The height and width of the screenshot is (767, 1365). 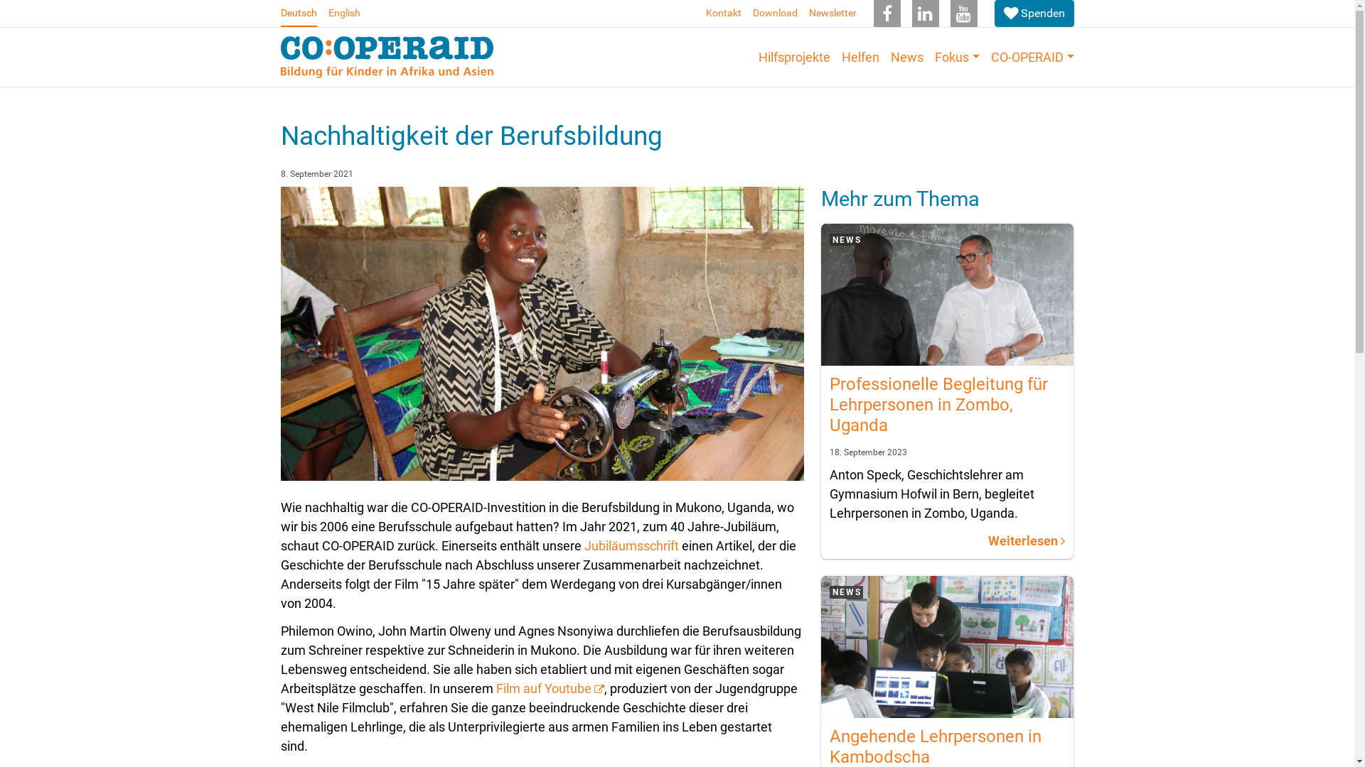 What do you see at coordinates (723, 13) in the screenshot?
I see `'Kontakt'` at bounding box center [723, 13].